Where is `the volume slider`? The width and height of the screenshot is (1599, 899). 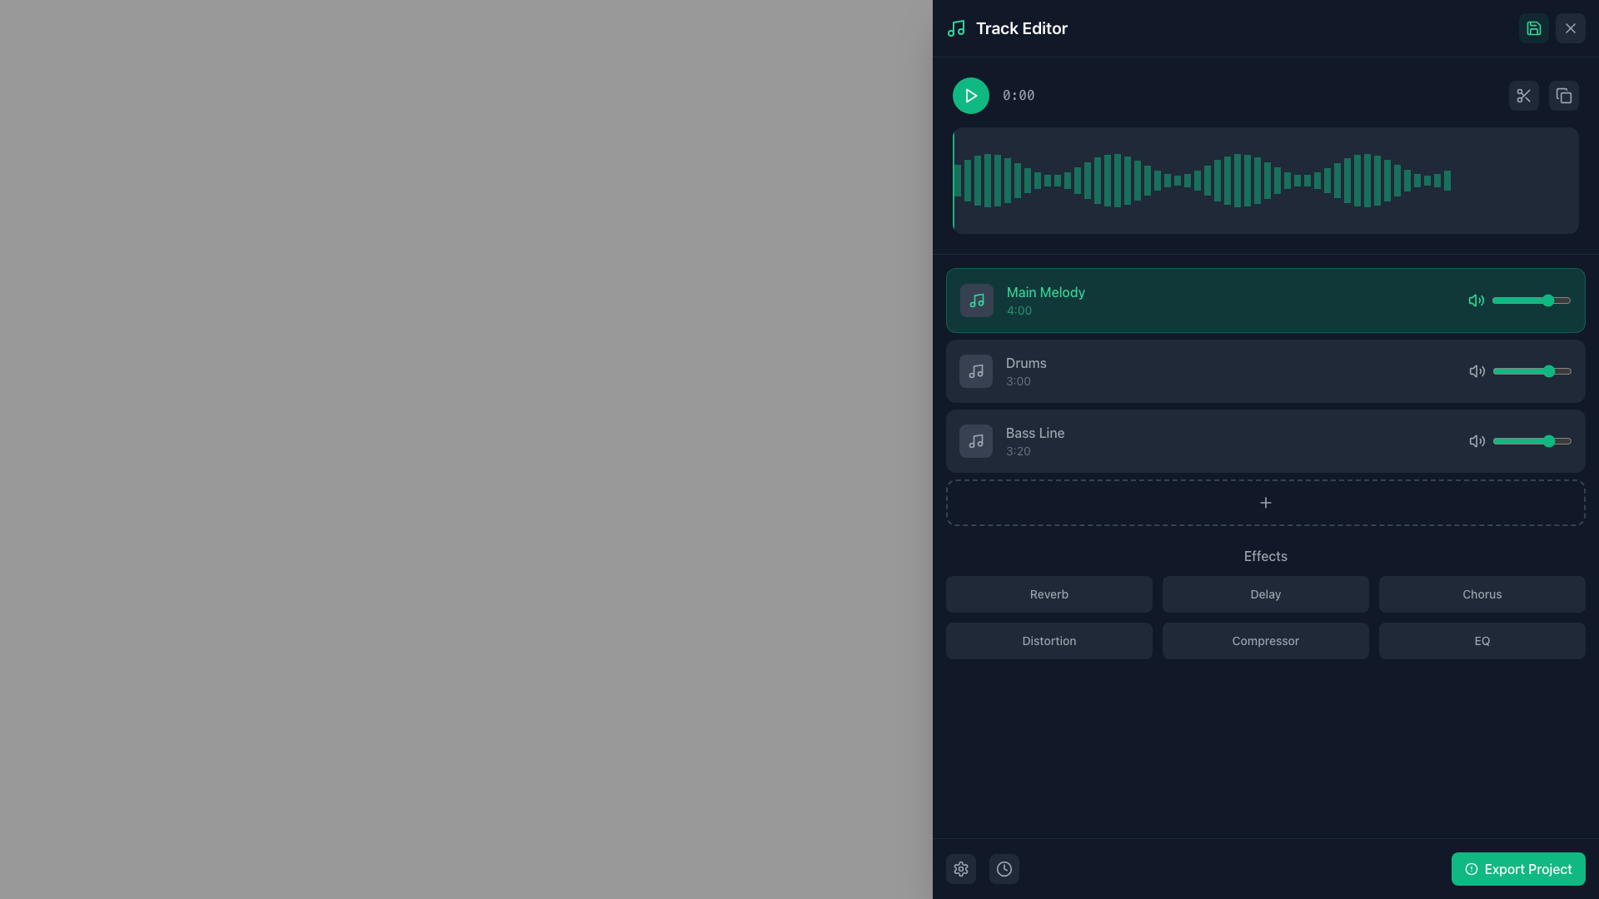
the volume slider is located at coordinates (1520, 300).